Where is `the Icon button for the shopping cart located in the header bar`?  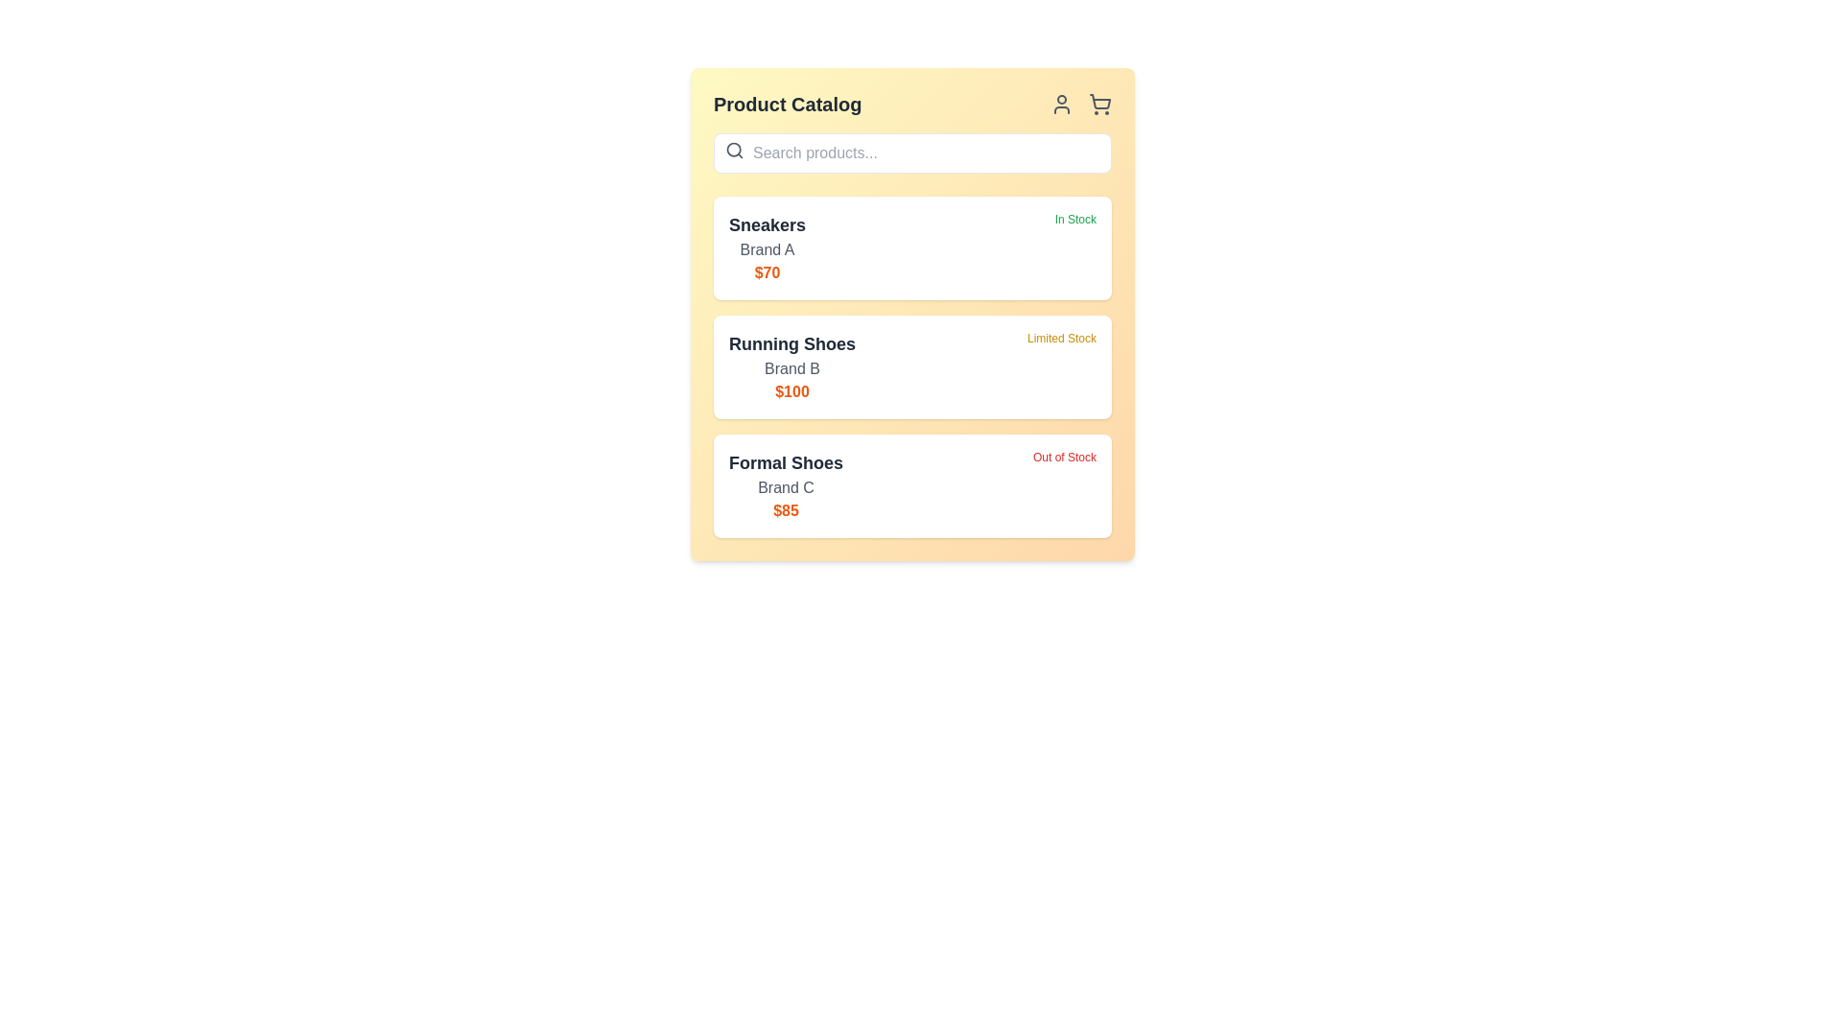 the Icon button for the shopping cart located in the header bar is located at coordinates (1100, 104).